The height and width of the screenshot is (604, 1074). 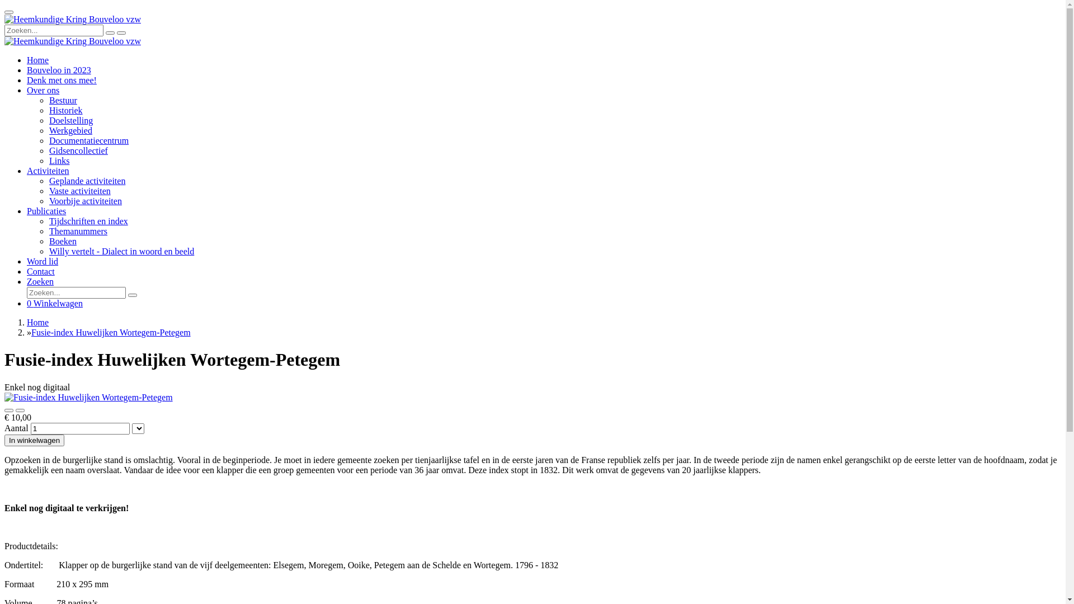 What do you see at coordinates (48, 240) in the screenshot?
I see `'Boeken'` at bounding box center [48, 240].